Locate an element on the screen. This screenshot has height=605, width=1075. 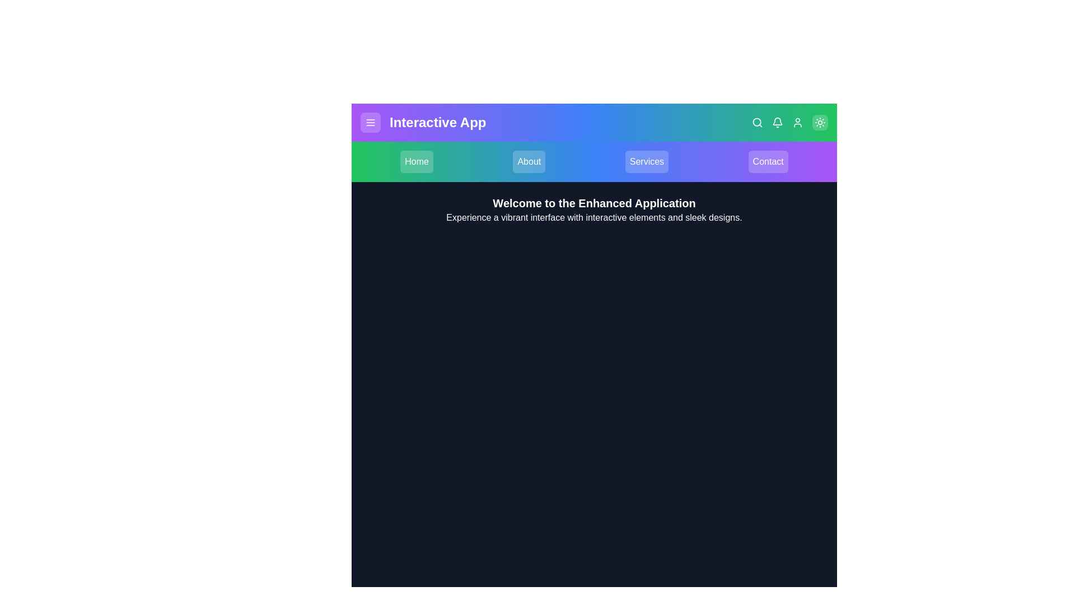
the menu button to toggle the menu visibility is located at coordinates (371, 123).